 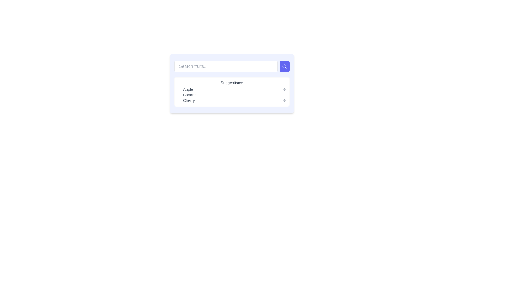 I want to click on the arrow icon located to the right of the 'Apple' text in the suggestions list, so click(x=284, y=89).